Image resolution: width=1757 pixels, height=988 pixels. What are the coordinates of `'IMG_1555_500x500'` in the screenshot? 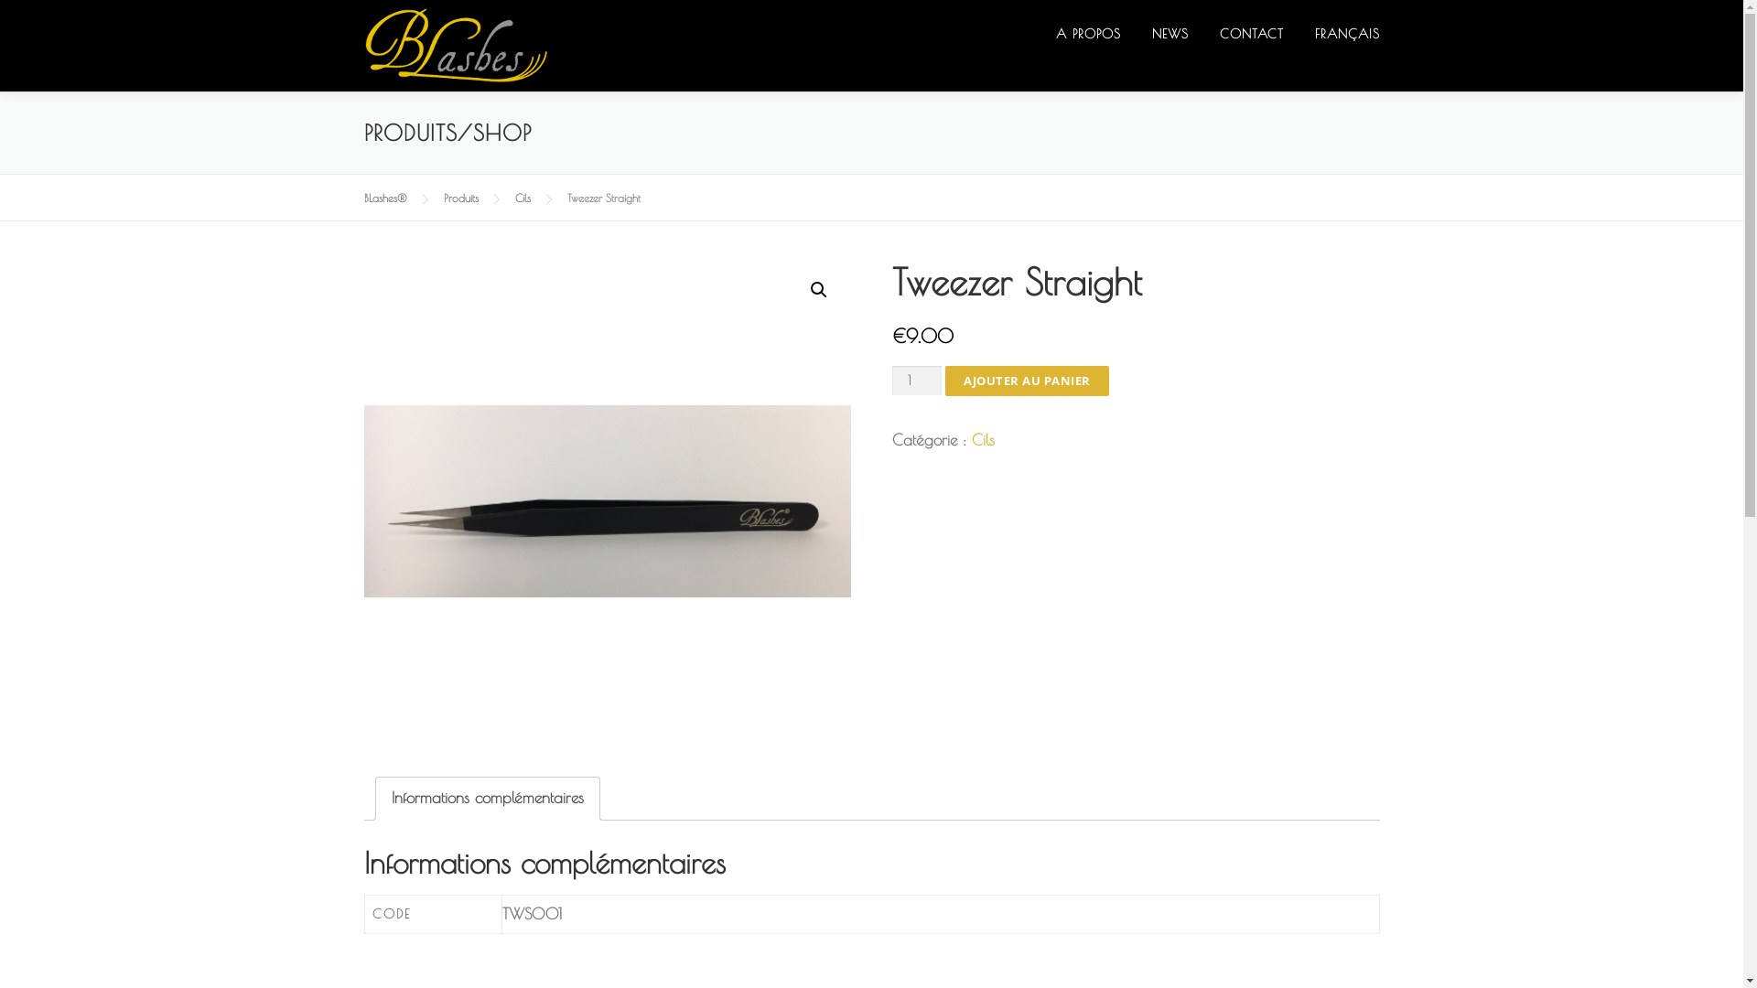 It's located at (364, 501).